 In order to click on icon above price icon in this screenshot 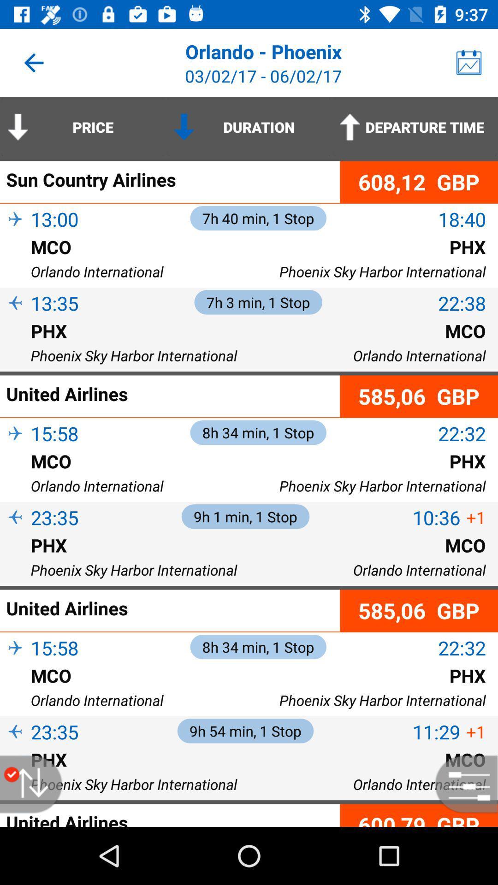, I will do `click(33, 62)`.